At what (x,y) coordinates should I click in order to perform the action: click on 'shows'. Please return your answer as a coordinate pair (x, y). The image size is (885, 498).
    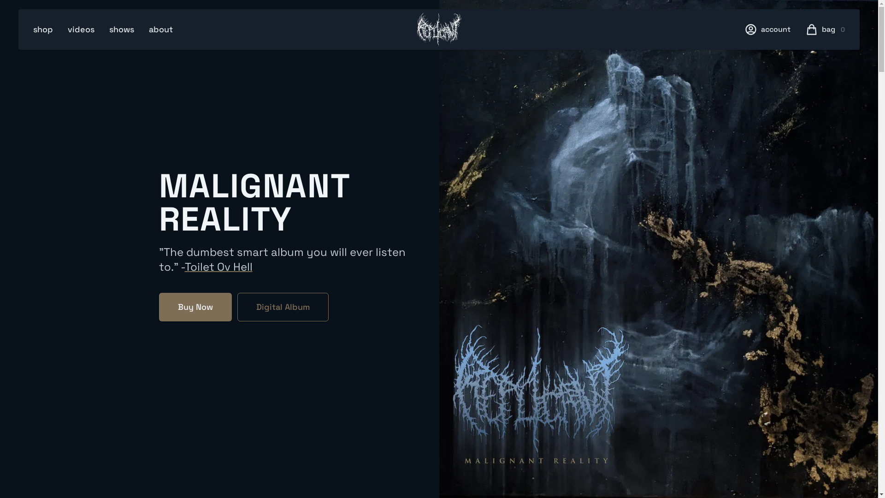
    Looking at the image, I should click on (121, 29).